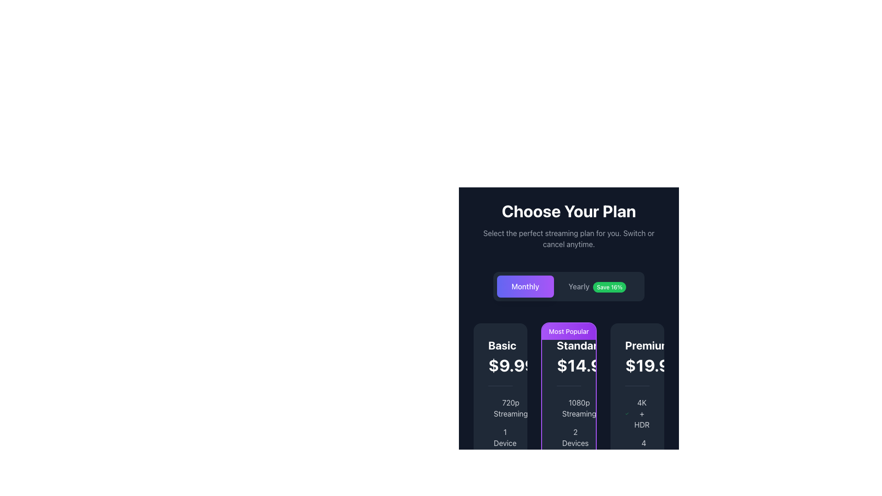  What do you see at coordinates (568, 331) in the screenshot?
I see `the label indicating the most popular choice in the 'Standard' pricing card in the 'Choose Your Plan' section` at bounding box center [568, 331].